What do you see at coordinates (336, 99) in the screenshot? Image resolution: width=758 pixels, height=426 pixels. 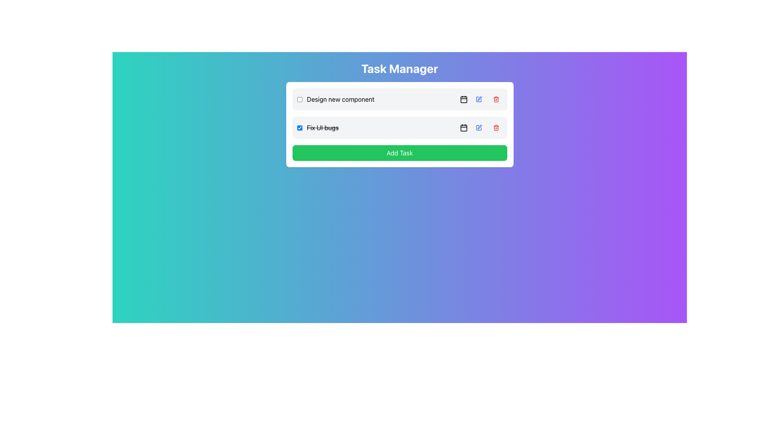 I see `the text label that serves as the title and descriptor for a specific task within the task manager, positioned at the top of the task list` at bounding box center [336, 99].